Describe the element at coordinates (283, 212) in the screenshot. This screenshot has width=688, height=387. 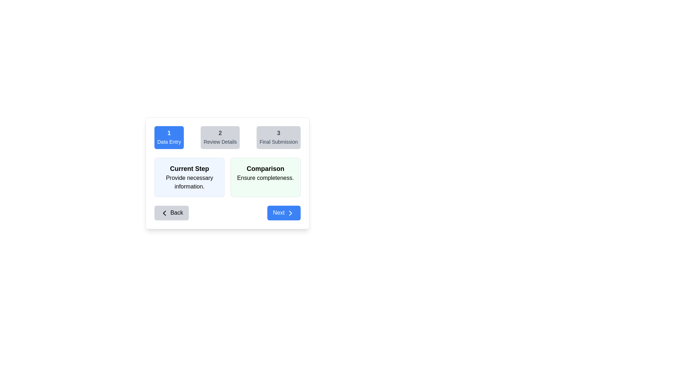
I see `the blue 'Next' button with rounded edges that contains white text and a right-pointing chevron icon to proceed to the next step` at that location.